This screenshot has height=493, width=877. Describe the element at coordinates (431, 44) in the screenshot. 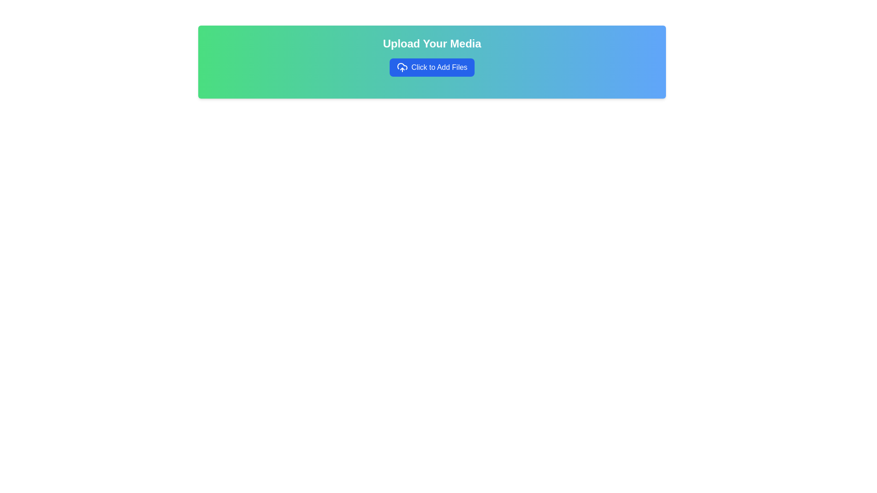

I see `the header text element displaying 'Upload Your Media', which is styled with a bold, white font and centered within a gradient background transitioning from green to blue` at that location.